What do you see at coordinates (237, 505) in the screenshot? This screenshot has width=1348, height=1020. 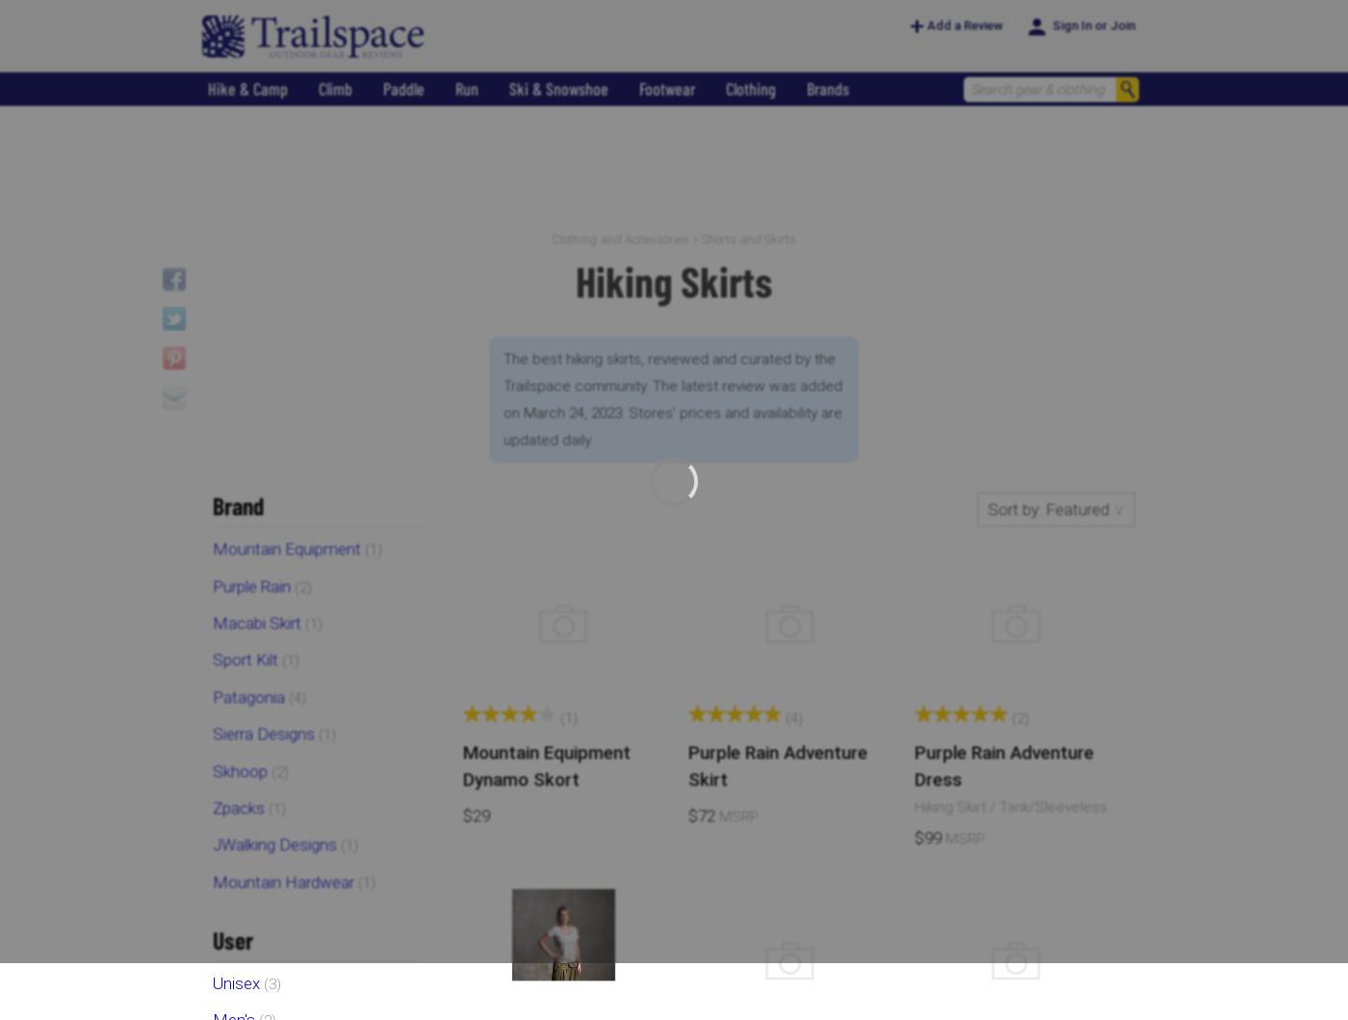 I see `'Brand'` at bounding box center [237, 505].